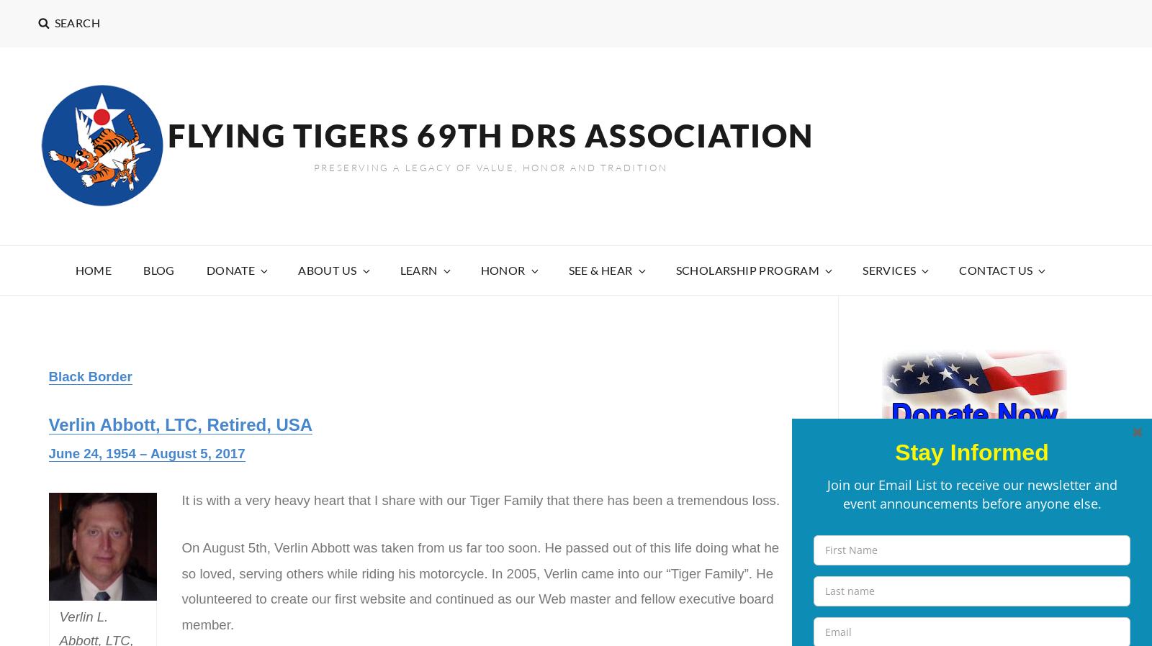  I want to click on 'ABOUT US', so click(326, 269).